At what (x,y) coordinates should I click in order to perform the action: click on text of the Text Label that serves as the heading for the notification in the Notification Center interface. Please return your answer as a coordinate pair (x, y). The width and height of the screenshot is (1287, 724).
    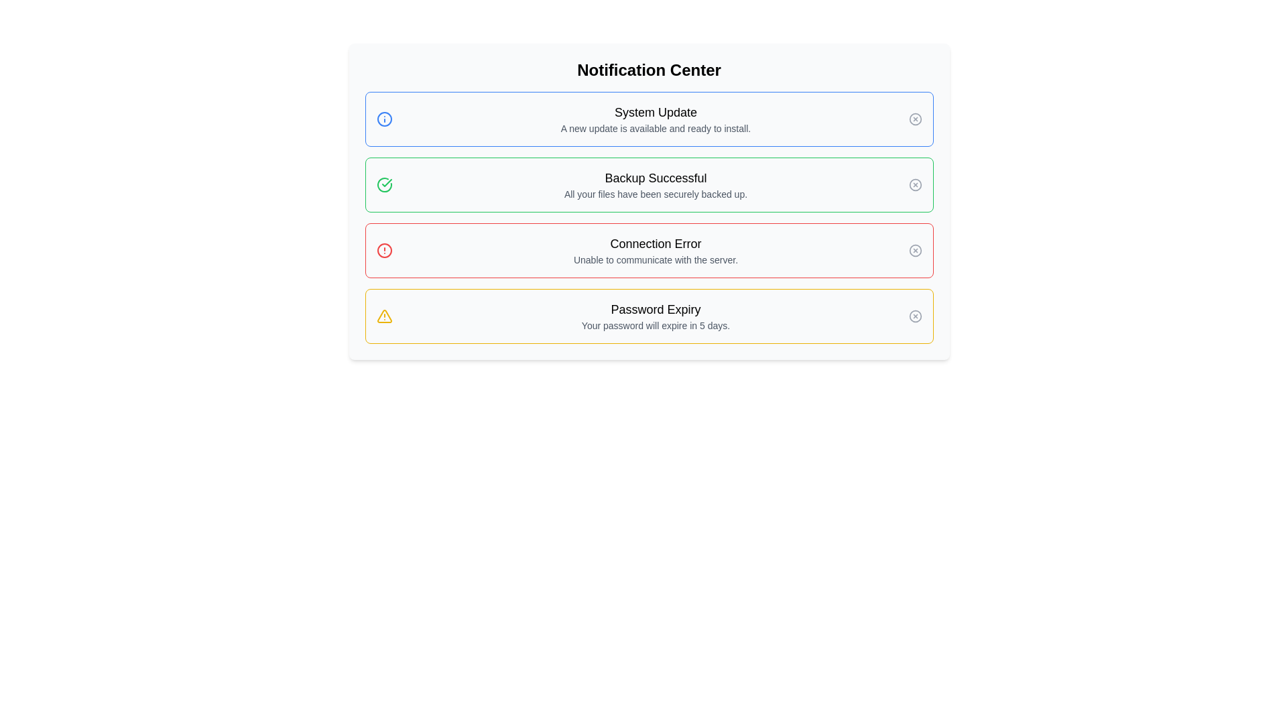
    Looking at the image, I should click on (656, 112).